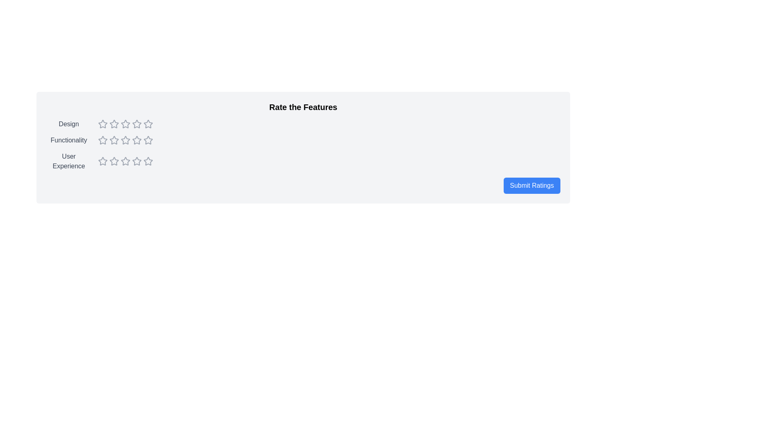 This screenshot has height=437, width=778. I want to click on the second star in the 'Functionality' rating control to interact with the rating feature, so click(125, 140).